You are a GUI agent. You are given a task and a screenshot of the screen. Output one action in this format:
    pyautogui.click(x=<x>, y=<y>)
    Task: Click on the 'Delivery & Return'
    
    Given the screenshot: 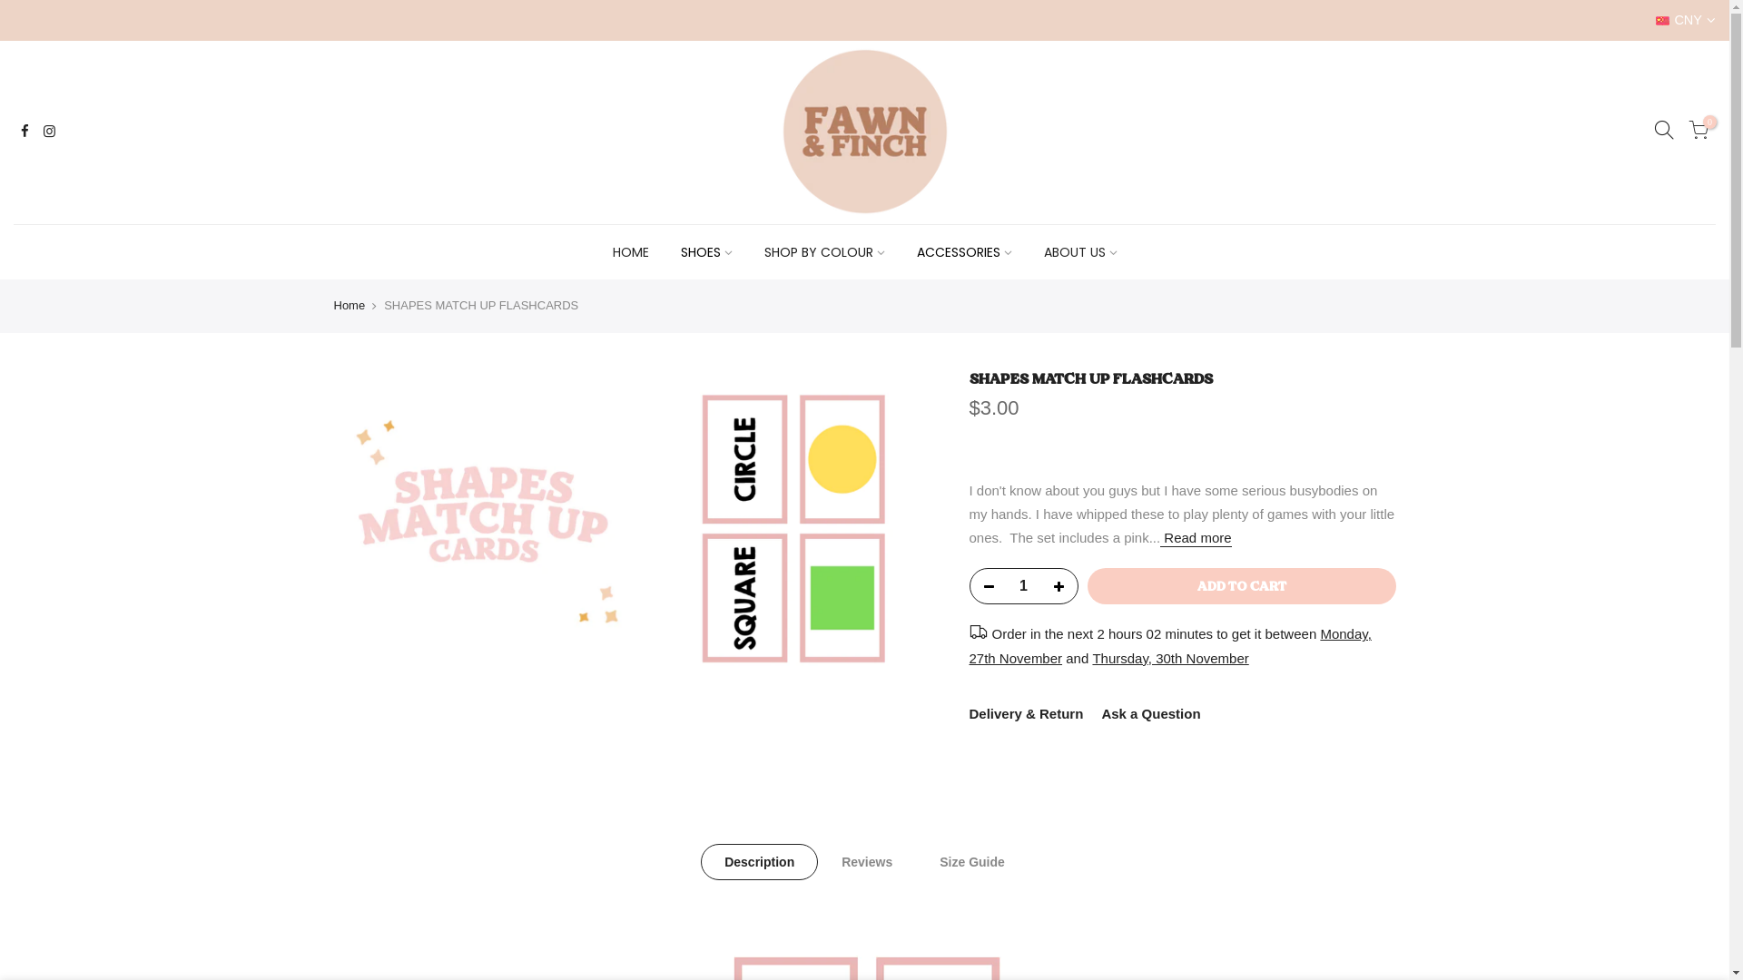 What is the action you would take?
    pyautogui.click(x=1027, y=712)
    